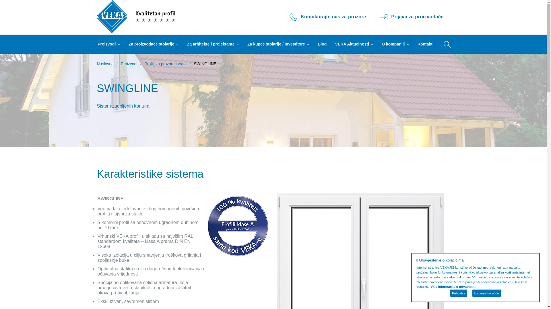 The width and height of the screenshot is (551, 309). I want to click on 'Prihvatite', so click(458, 293).